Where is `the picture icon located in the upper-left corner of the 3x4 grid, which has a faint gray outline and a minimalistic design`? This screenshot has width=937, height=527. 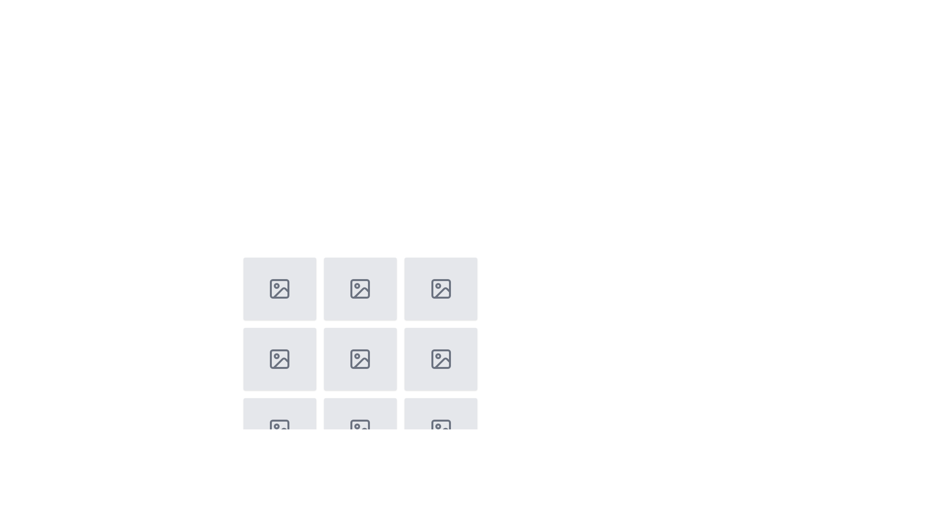
the picture icon located in the upper-left corner of the 3x4 grid, which has a faint gray outline and a minimalistic design is located at coordinates (279, 288).